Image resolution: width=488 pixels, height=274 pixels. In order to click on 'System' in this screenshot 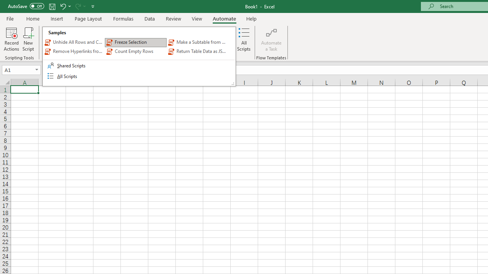, I will do `click(4, 4)`.